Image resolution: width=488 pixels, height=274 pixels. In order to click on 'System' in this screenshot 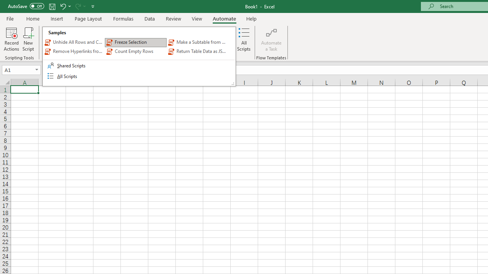, I will do `click(4, 4)`.